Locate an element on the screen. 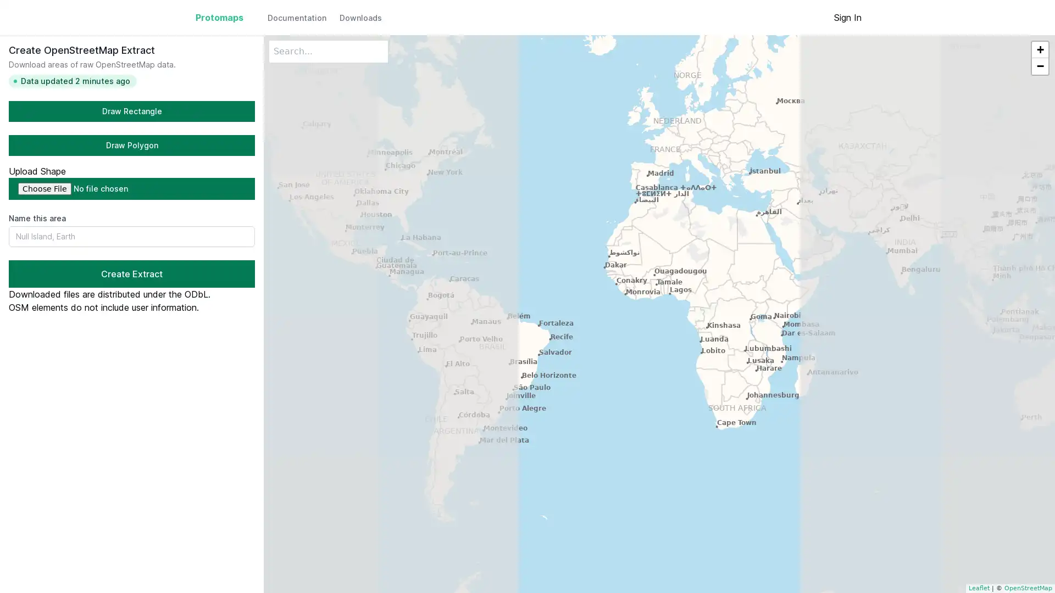  Zoom out is located at coordinates (1039, 66).